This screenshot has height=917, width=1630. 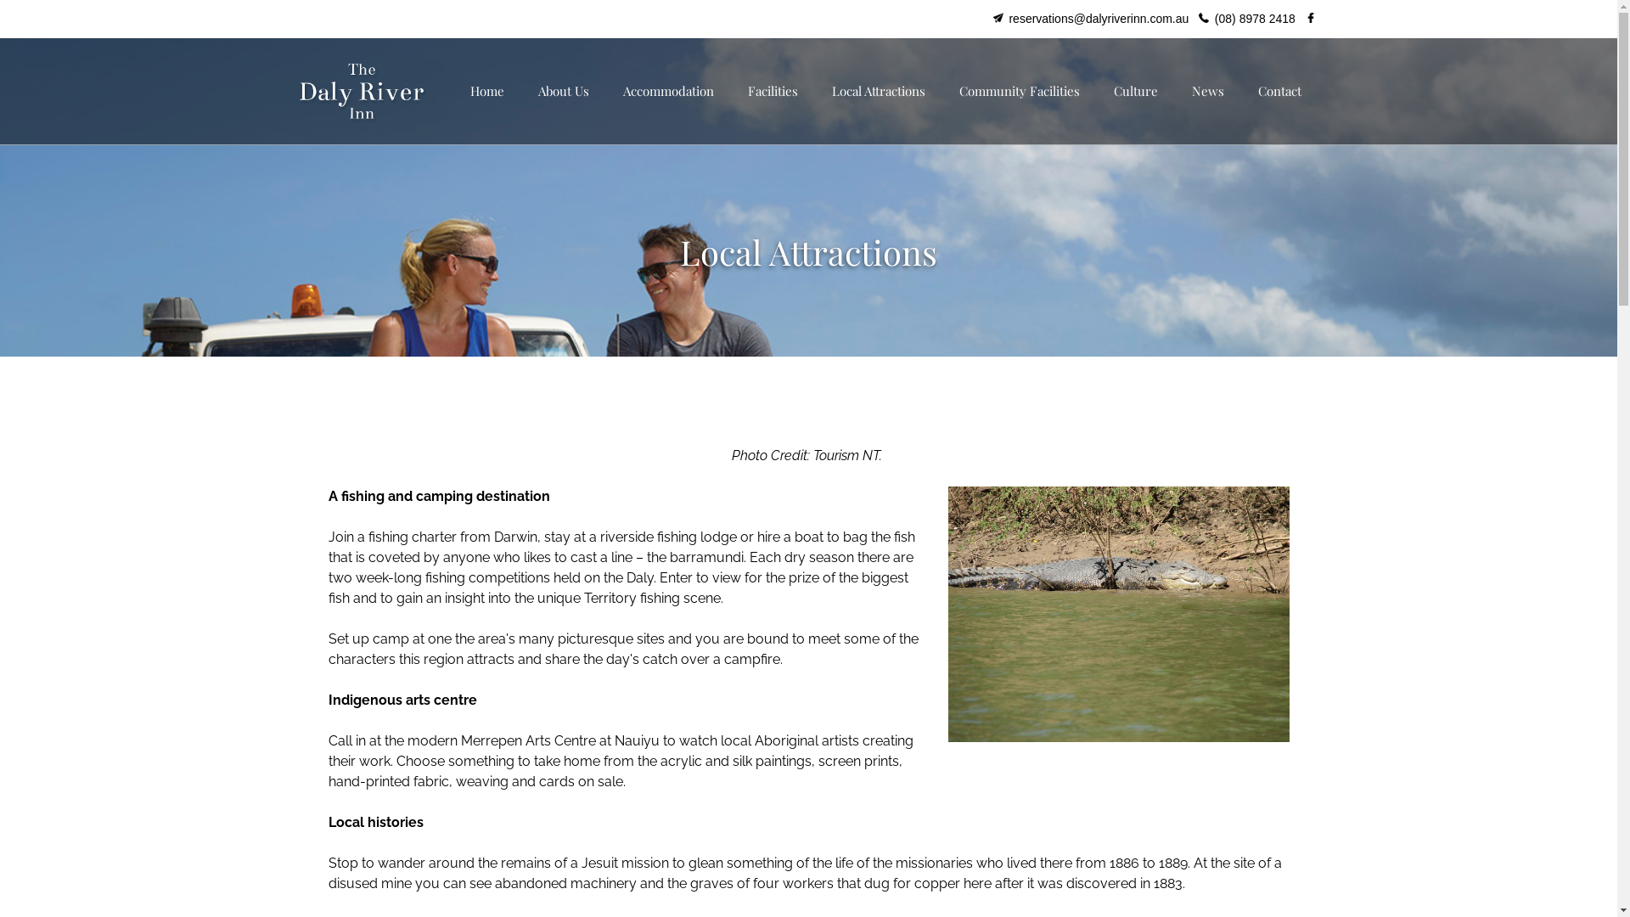 I want to click on 'Contact', so click(x=1279, y=91).